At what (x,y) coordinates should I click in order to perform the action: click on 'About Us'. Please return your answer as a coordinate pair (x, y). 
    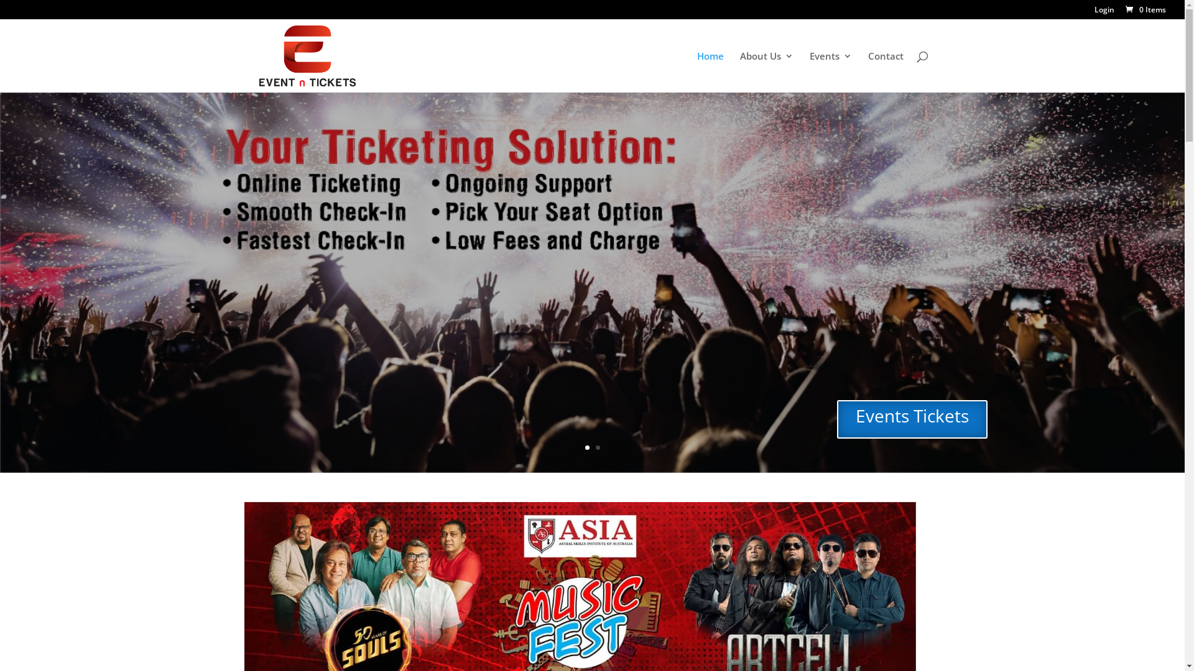
    Looking at the image, I should click on (766, 71).